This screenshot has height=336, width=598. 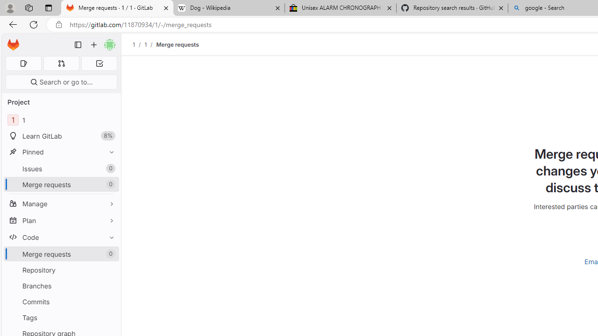 What do you see at coordinates (78, 45) in the screenshot?
I see `'Primary navigation sidebar'` at bounding box center [78, 45].